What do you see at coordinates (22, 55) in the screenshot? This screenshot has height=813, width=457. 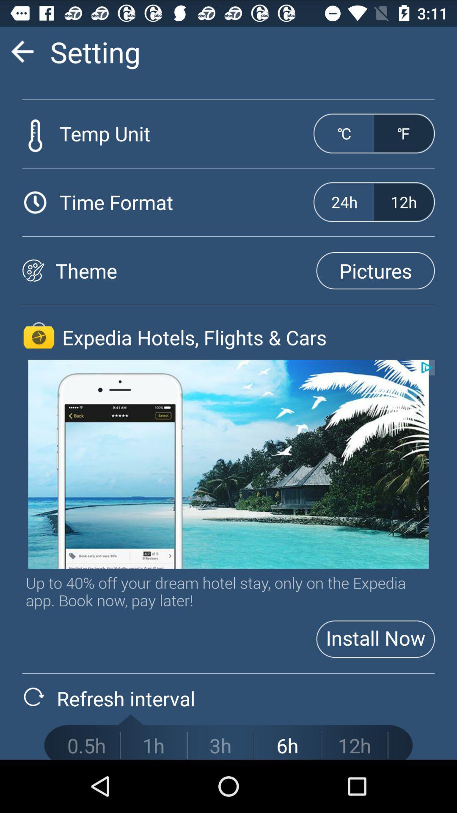 I see `the arrow_backward icon` at bounding box center [22, 55].